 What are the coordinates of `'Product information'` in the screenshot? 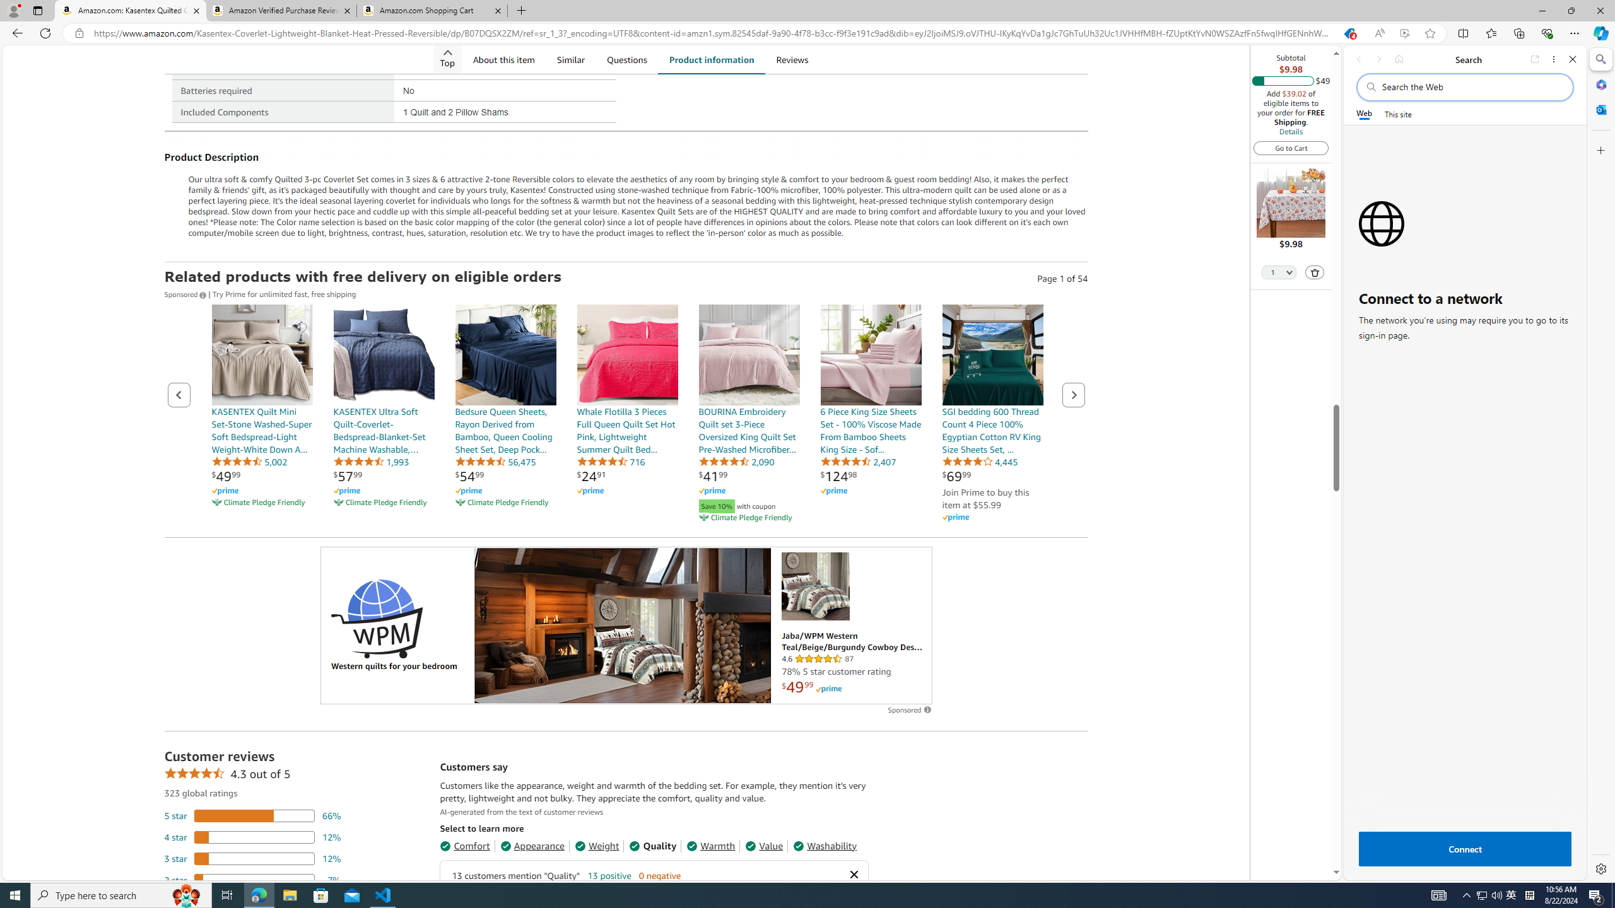 It's located at (710, 59).